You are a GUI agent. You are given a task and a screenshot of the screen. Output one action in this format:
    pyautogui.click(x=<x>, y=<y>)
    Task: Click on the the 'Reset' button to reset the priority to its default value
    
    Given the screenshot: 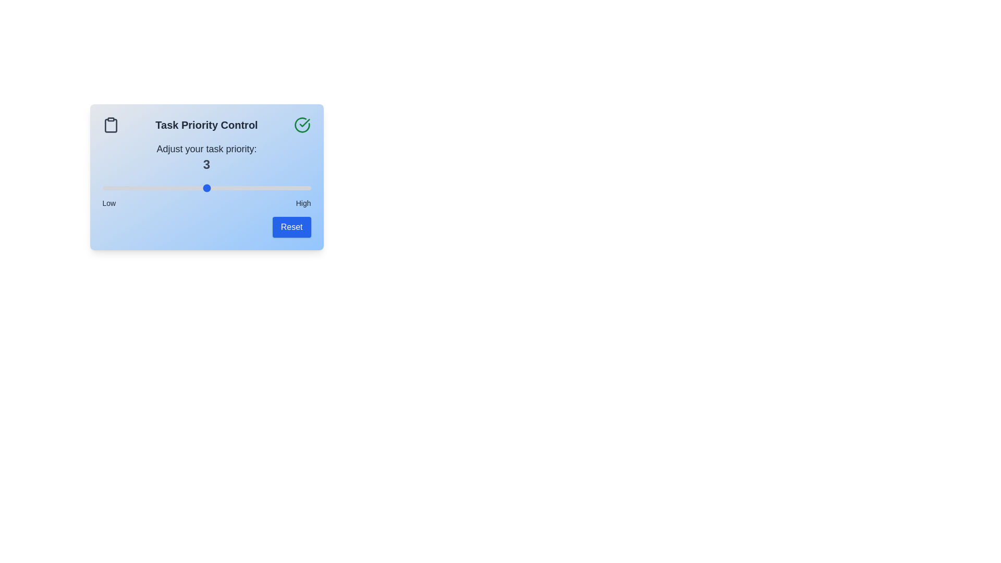 What is the action you would take?
    pyautogui.click(x=291, y=226)
    